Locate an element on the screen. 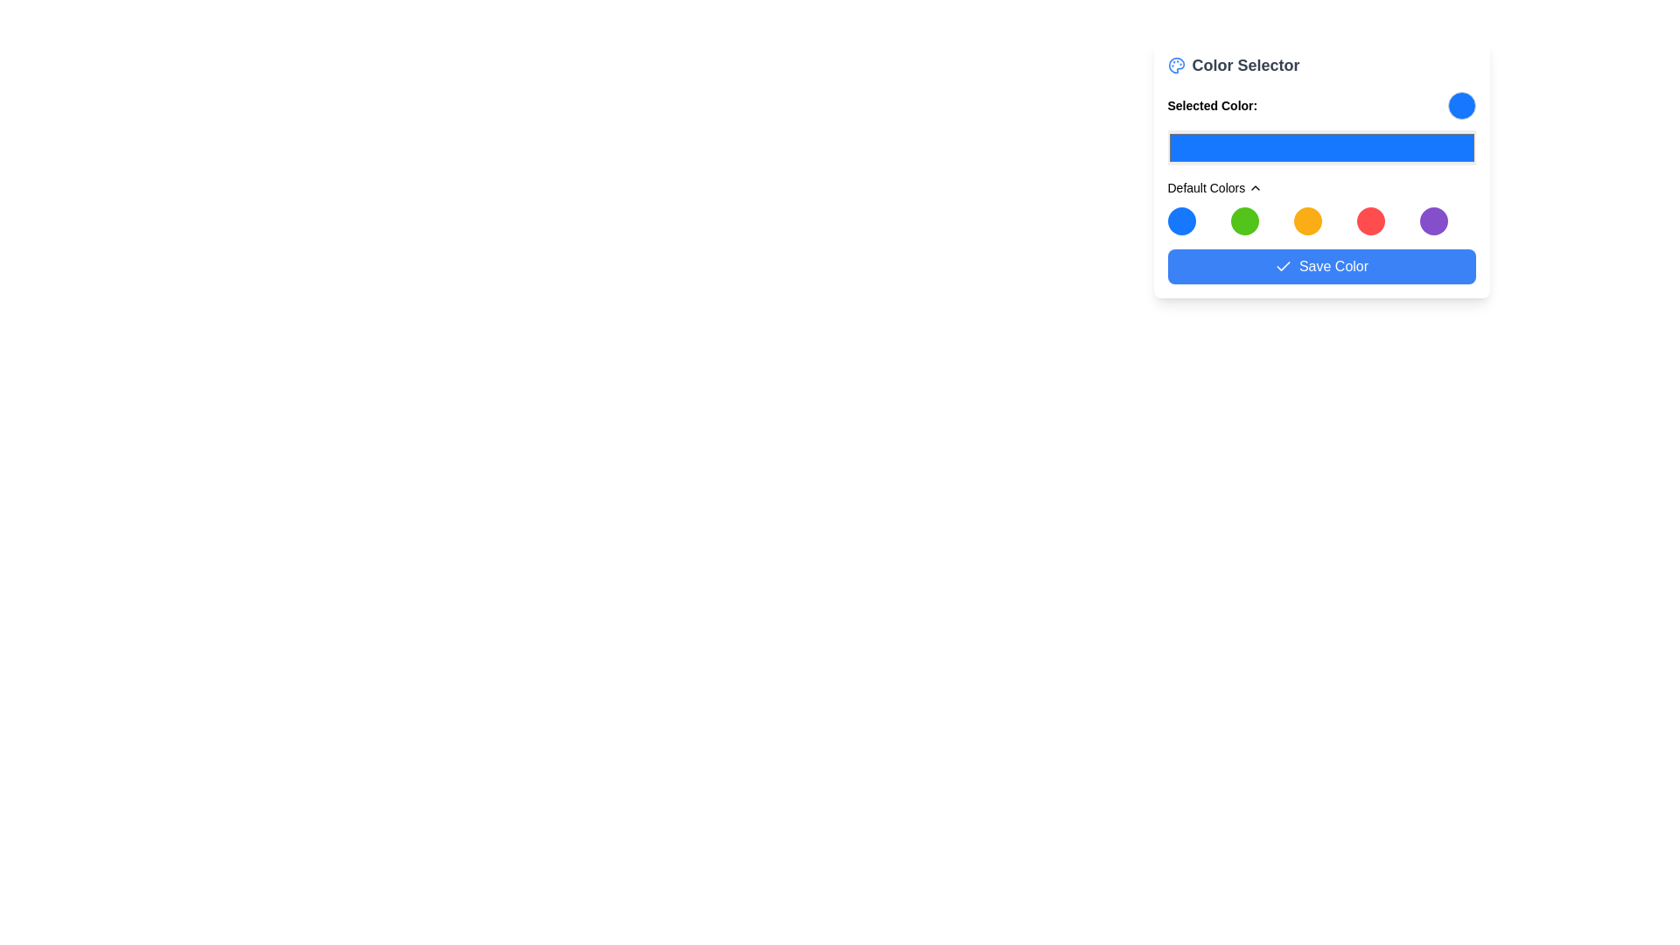  the checkmark icon that is part of the 'Save Color' button located at the bottom of the color selector interface is located at coordinates (1283, 266).